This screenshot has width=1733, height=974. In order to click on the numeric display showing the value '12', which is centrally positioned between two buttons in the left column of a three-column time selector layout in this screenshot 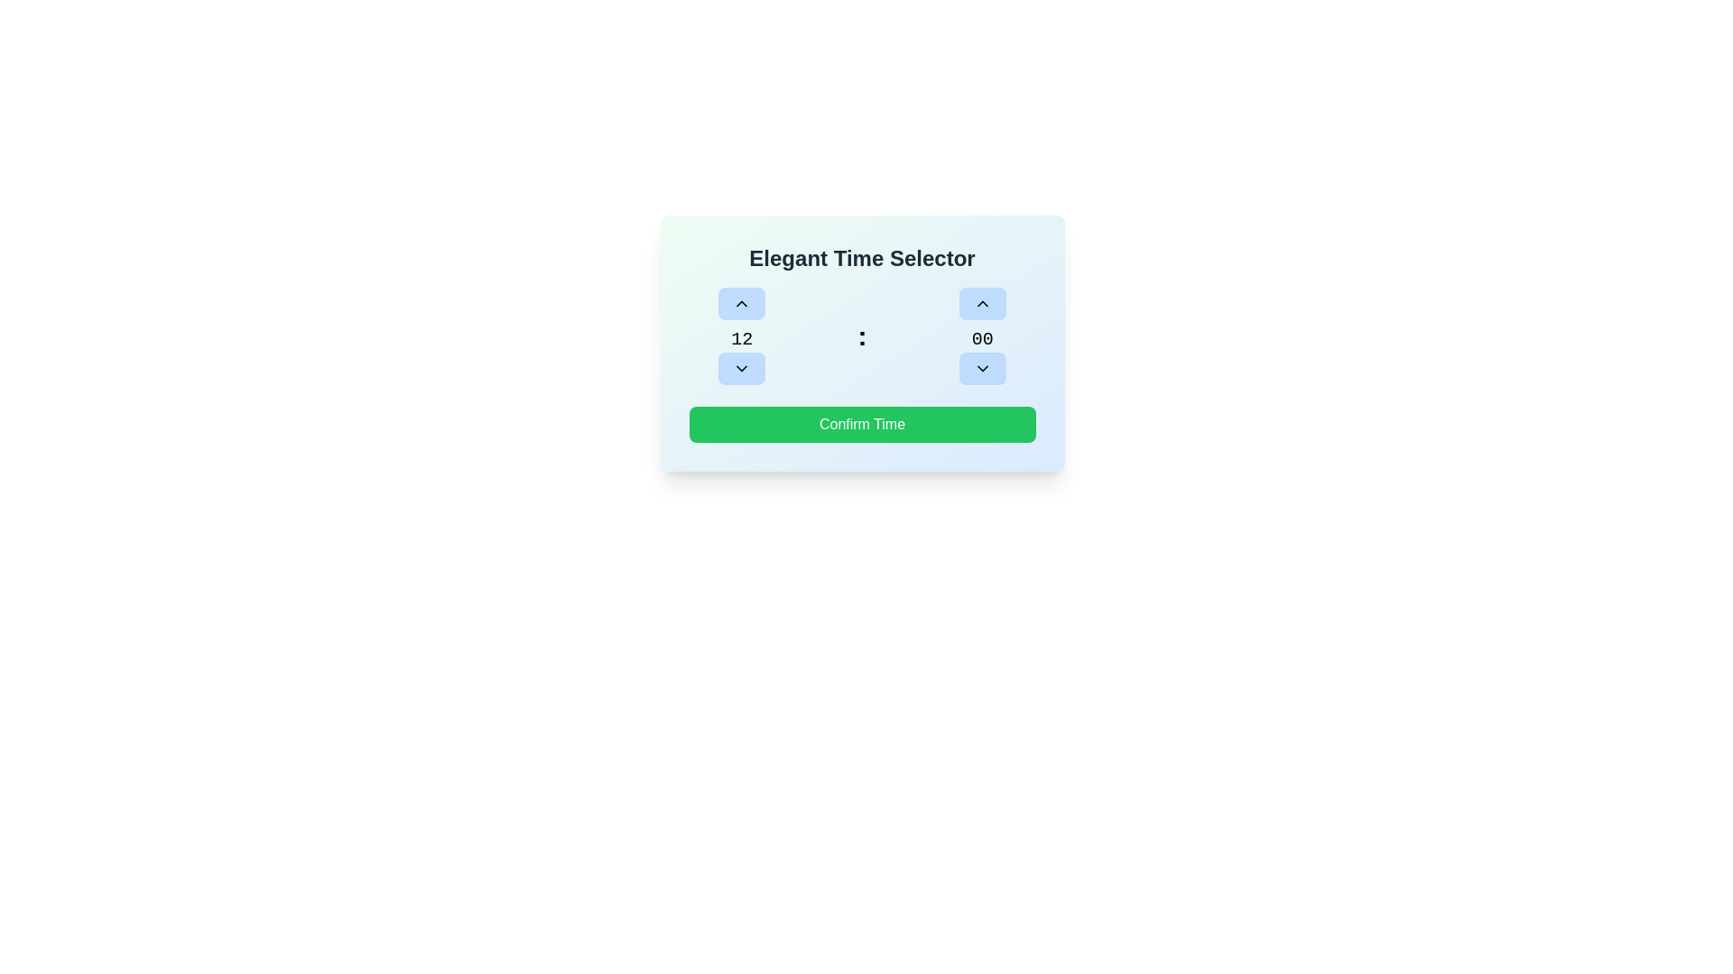, I will do `click(742, 336)`.